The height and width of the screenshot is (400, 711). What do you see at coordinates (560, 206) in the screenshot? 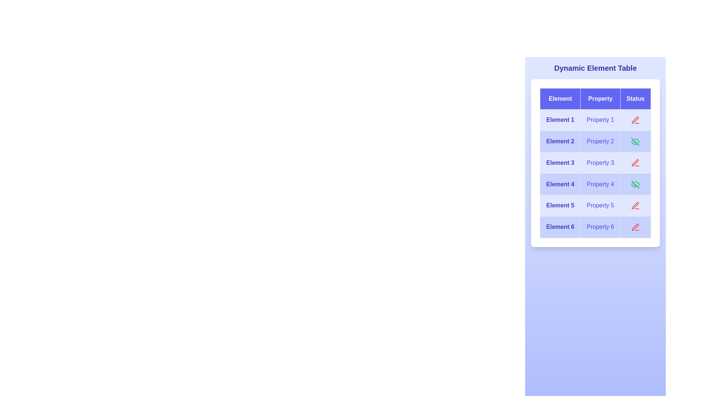
I see `the text of element Element 5 to read its displayed text` at bounding box center [560, 206].